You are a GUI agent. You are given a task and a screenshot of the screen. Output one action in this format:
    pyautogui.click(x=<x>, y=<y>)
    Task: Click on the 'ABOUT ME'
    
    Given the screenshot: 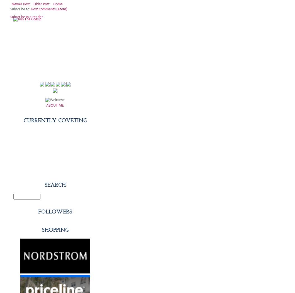 What is the action you would take?
    pyautogui.click(x=55, y=105)
    